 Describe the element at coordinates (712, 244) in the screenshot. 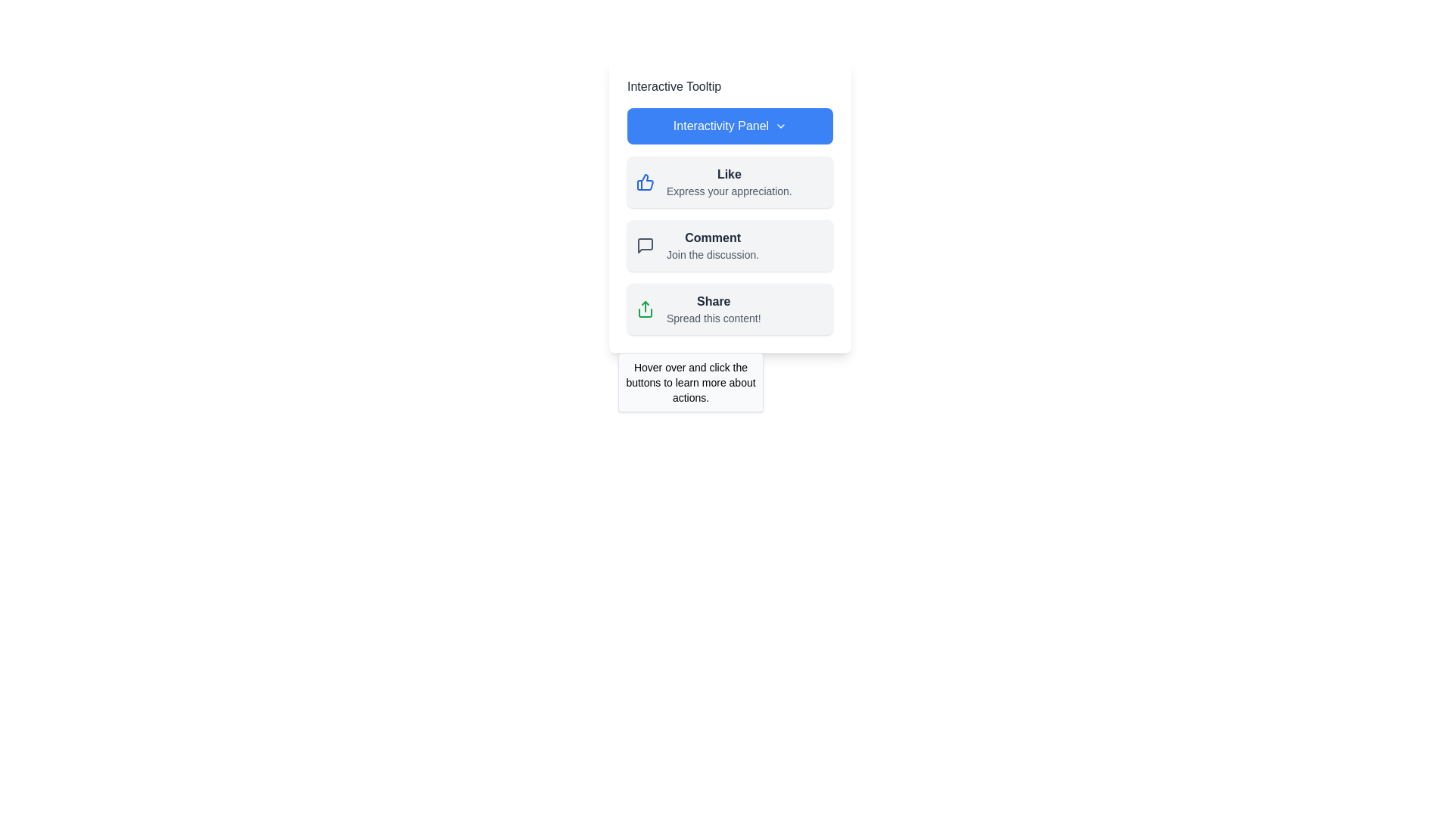

I see `the descriptive text label for the comment functionality, which is the second option in a vertical stack of options in a tooltip interface, located between 'Like' and 'Share'` at that location.